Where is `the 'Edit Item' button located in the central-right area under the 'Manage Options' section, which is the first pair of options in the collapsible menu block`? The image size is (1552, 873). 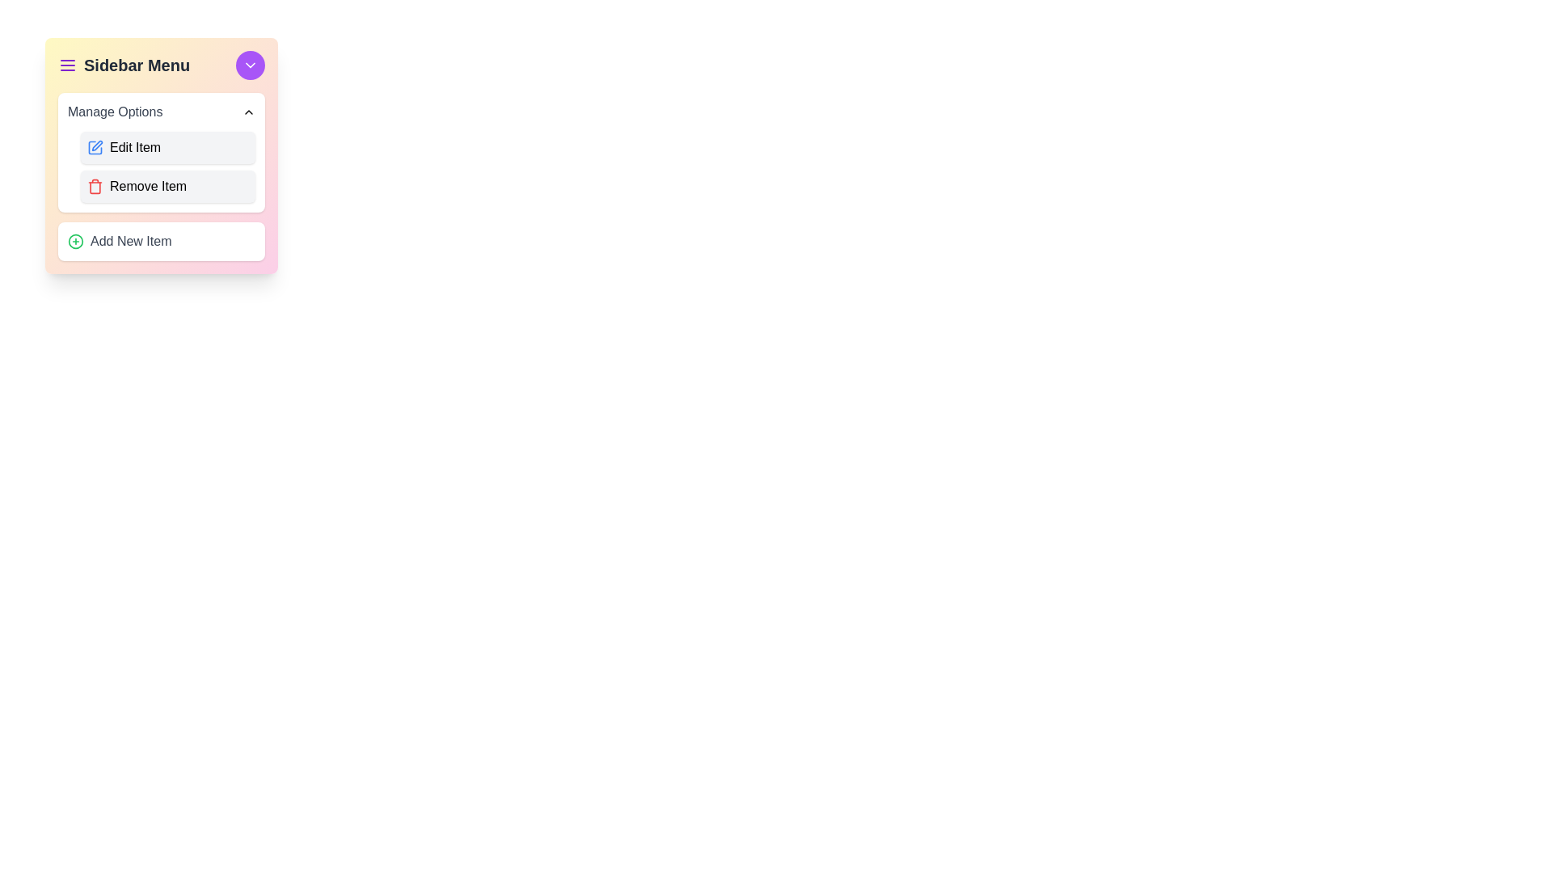 the 'Edit Item' button located in the central-right area under the 'Manage Options' section, which is the first pair of options in the collapsible menu block is located at coordinates (162, 167).